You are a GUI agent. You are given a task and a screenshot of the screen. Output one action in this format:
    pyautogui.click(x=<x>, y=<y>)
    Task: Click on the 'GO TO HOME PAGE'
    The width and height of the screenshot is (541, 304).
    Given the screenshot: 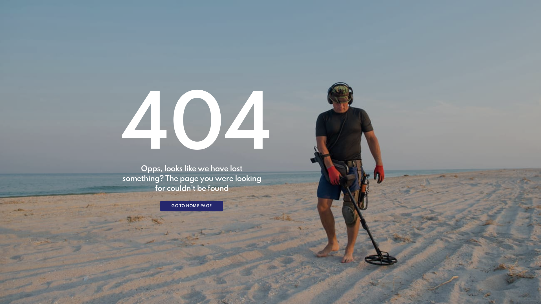 What is the action you would take?
    pyautogui.click(x=192, y=206)
    